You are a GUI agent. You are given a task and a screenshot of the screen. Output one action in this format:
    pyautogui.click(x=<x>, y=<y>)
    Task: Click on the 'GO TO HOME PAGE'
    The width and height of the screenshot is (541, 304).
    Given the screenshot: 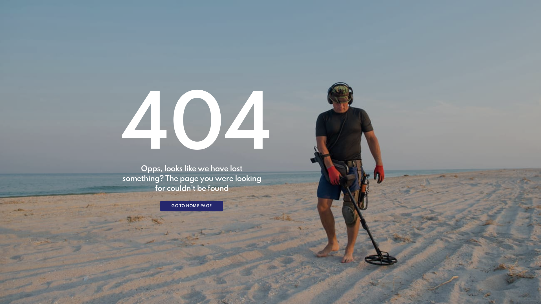 What is the action you would take?
    pyautogui.click(x=192, y=206)
    